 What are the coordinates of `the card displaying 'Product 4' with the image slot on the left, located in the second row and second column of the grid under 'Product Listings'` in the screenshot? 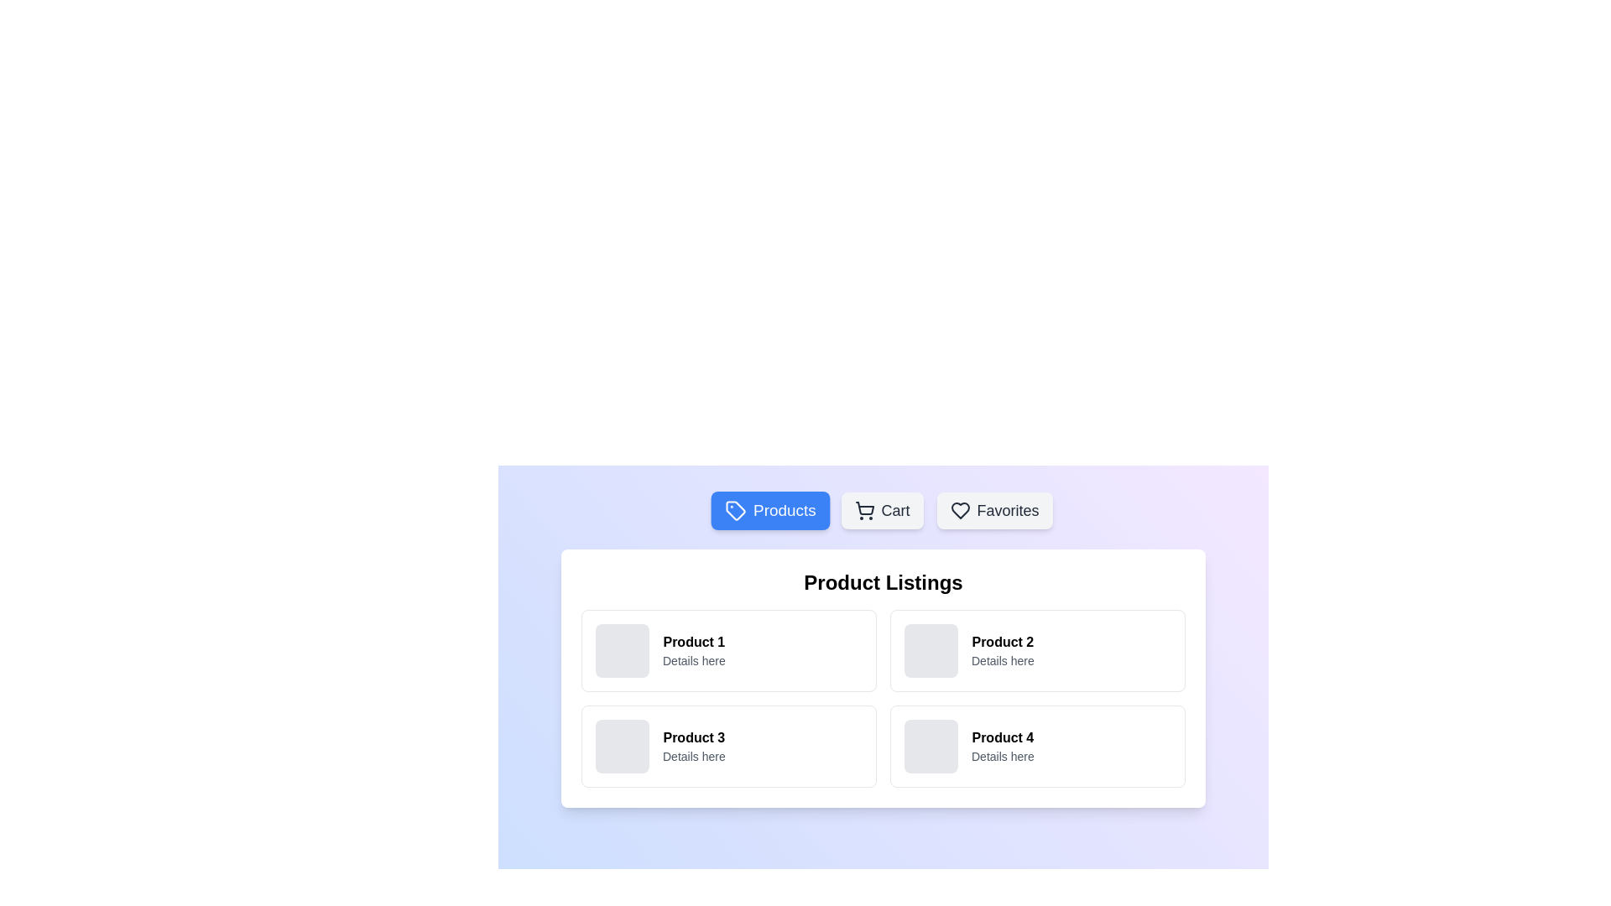 It's located at (1037, 746).